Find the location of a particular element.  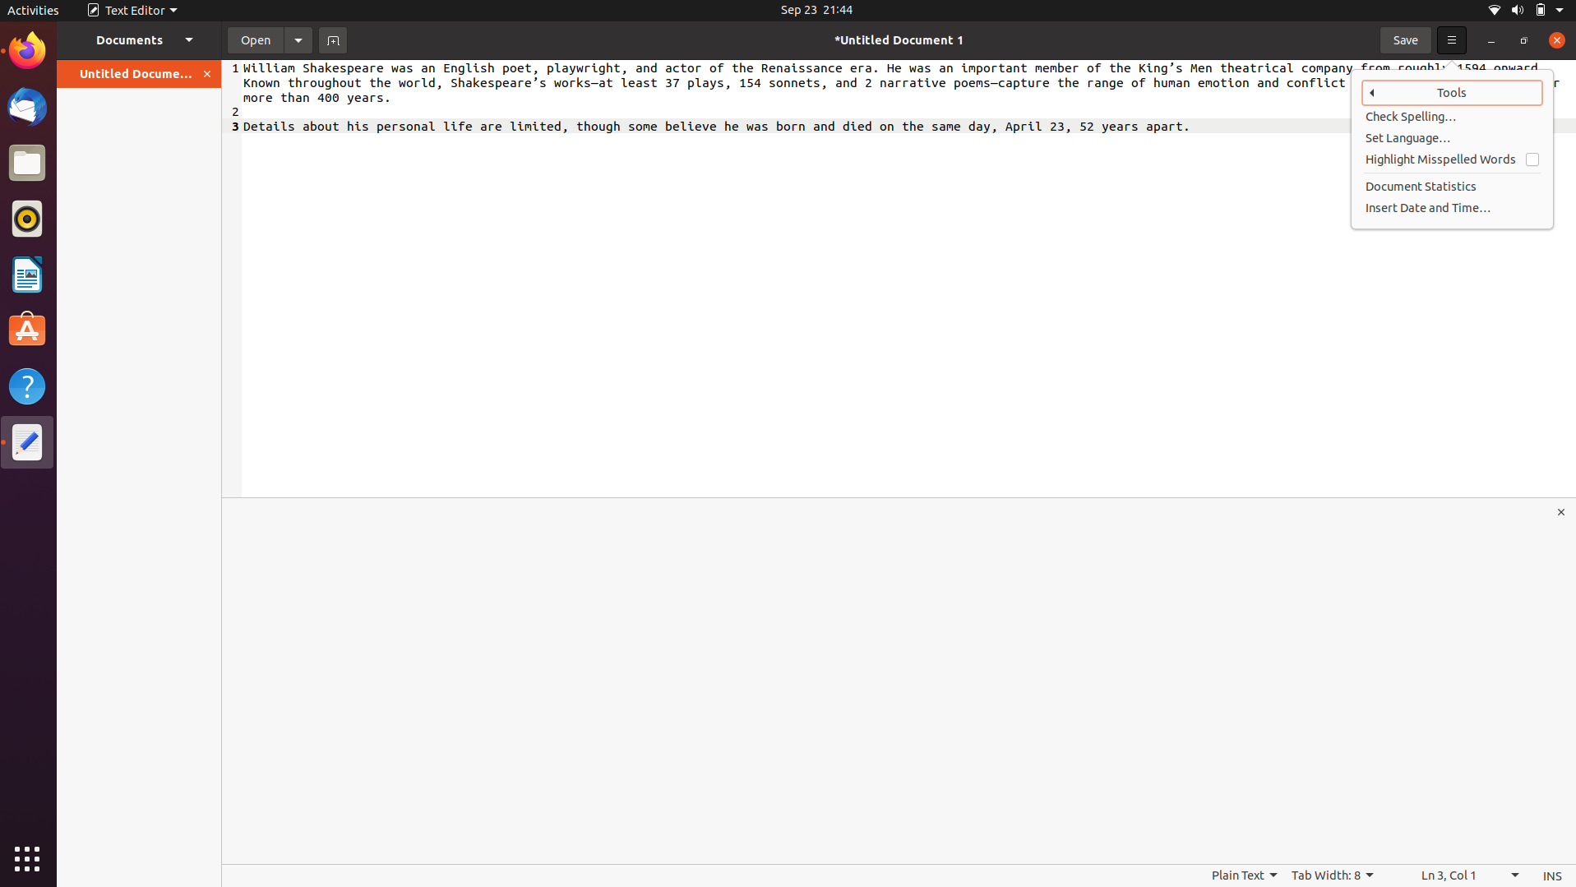

spell-check on the document is located at coordinates (1453, 117).